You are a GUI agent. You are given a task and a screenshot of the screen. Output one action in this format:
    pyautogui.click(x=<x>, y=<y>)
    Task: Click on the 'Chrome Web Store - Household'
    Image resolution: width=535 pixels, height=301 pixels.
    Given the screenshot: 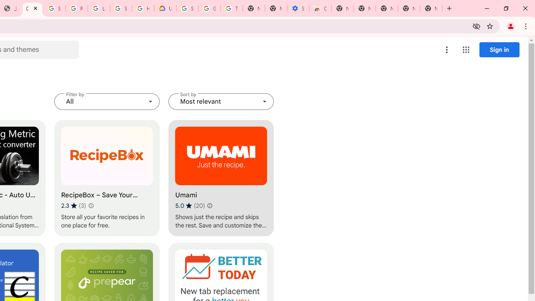 What is the action you would take?
    pyautogui.click(x=32, y=8)
    